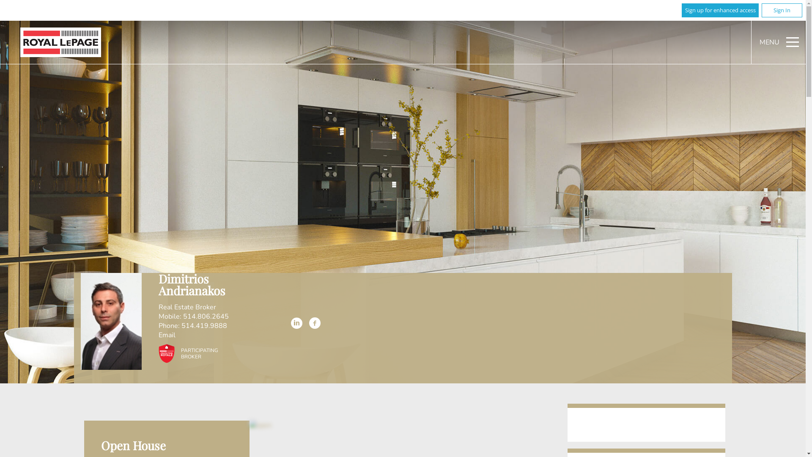 The image size is (812, 457). I want to click on '514.806.2645', so click(206, 317).